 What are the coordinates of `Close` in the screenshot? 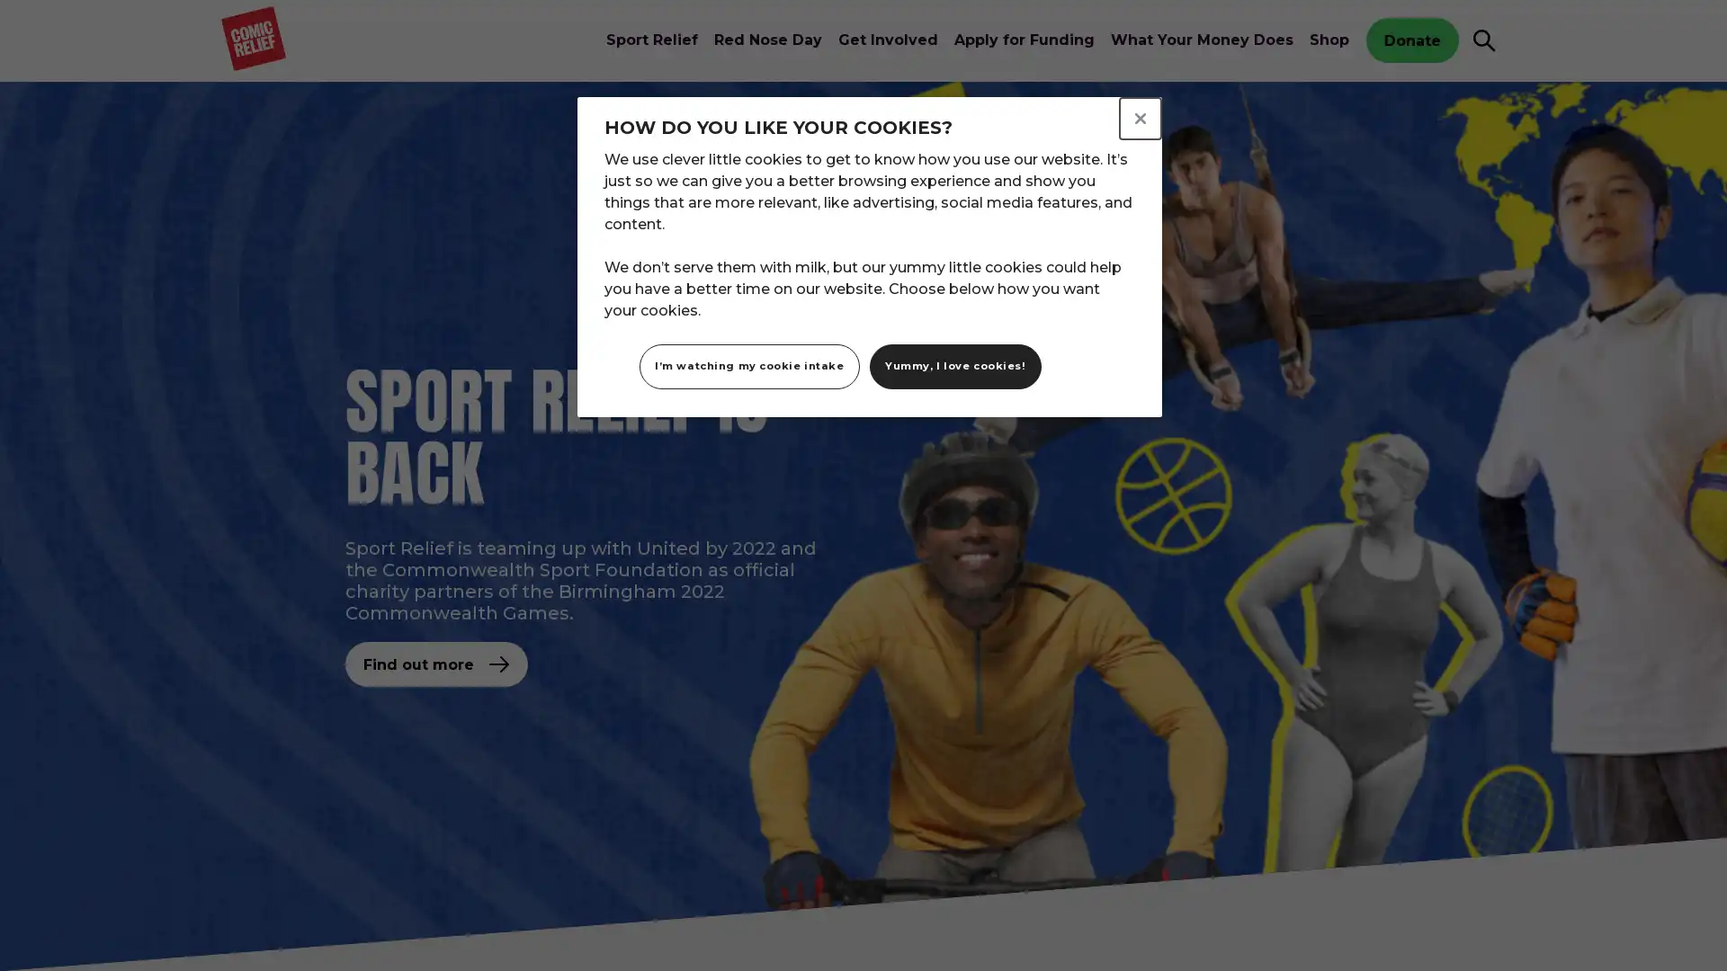 It's located at (1139, 118).